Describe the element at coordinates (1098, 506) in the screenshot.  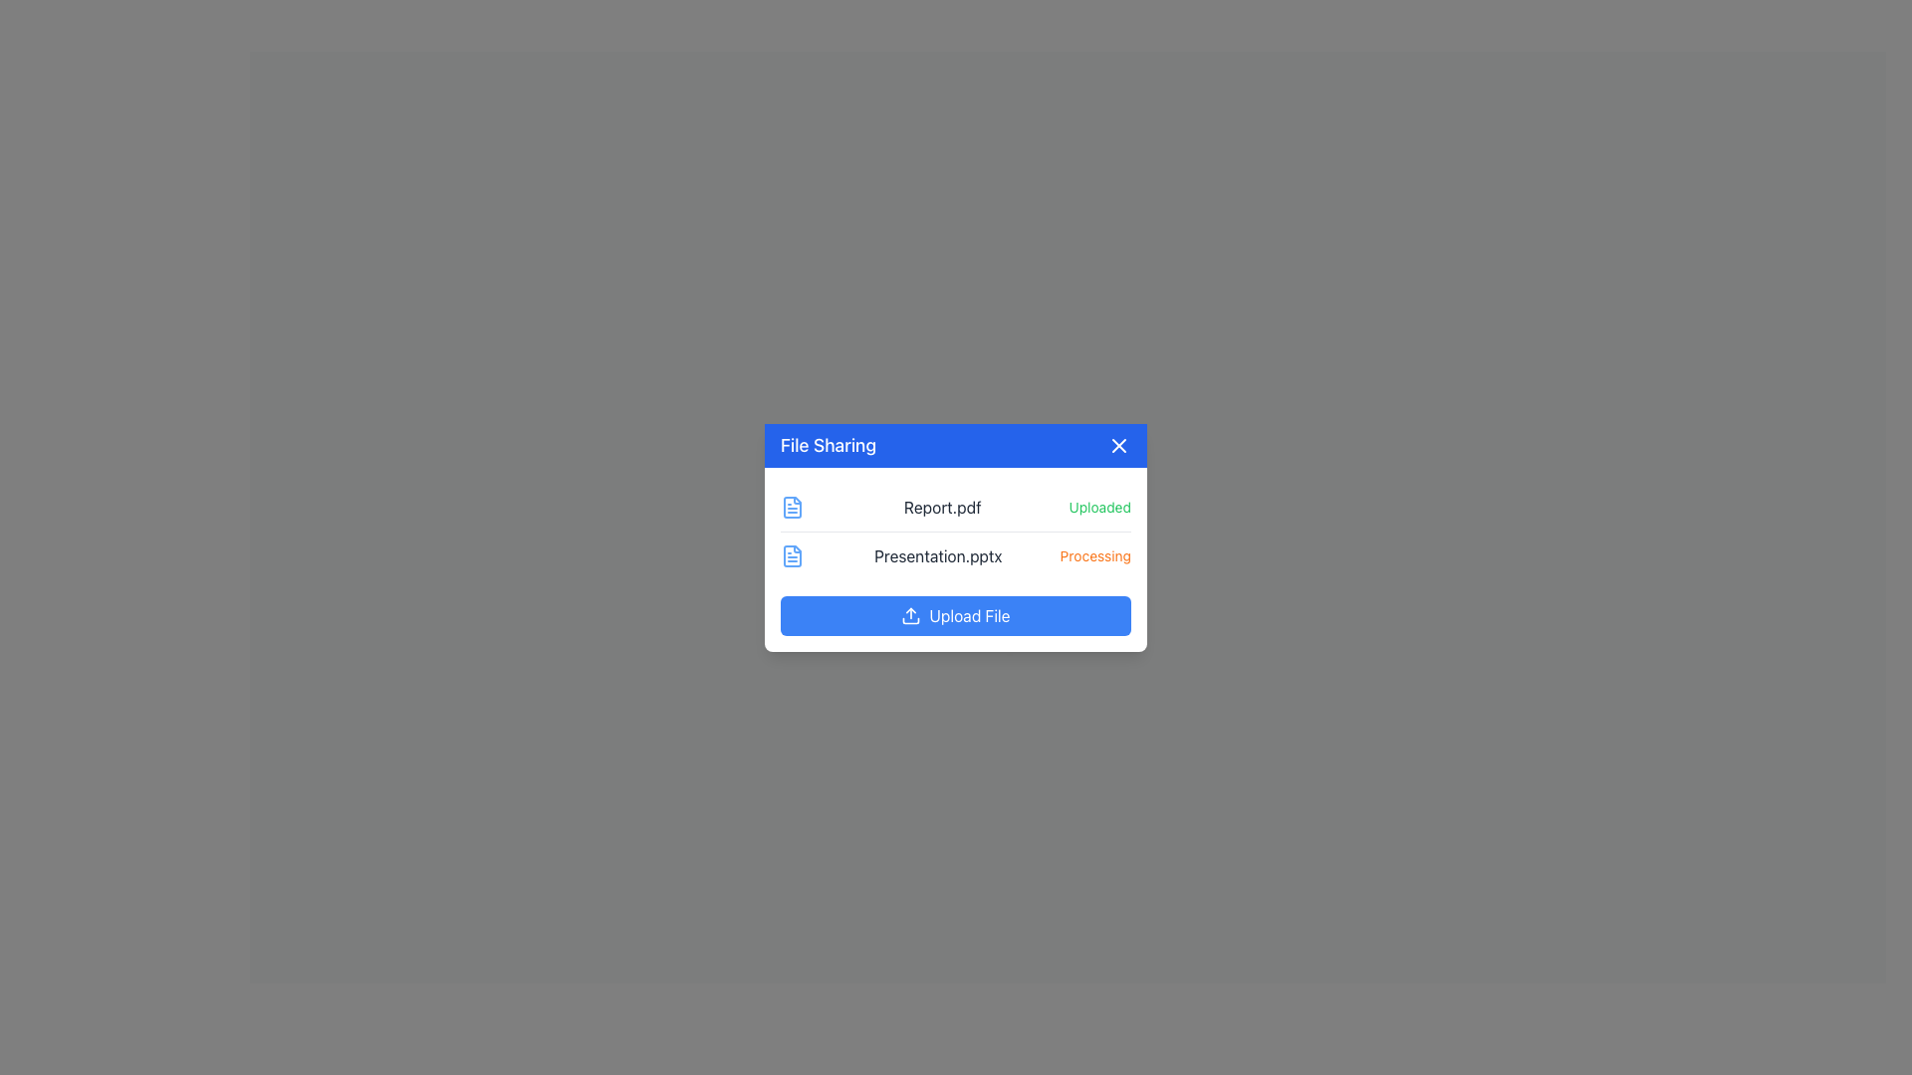
I see `the text label that reads 'Uploaded' with a green text style, located to the right of 'Report.pdf' in the file status list of the file-sharing dialog box` at that location.